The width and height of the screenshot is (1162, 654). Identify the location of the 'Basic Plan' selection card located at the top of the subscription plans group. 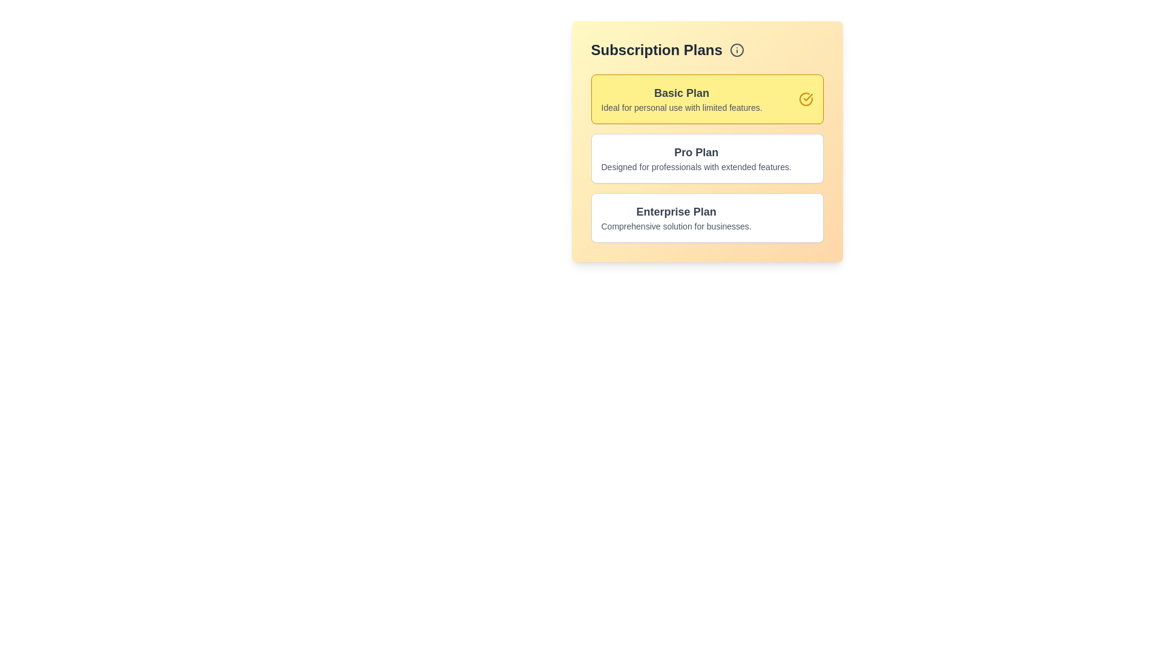
(707, 99).